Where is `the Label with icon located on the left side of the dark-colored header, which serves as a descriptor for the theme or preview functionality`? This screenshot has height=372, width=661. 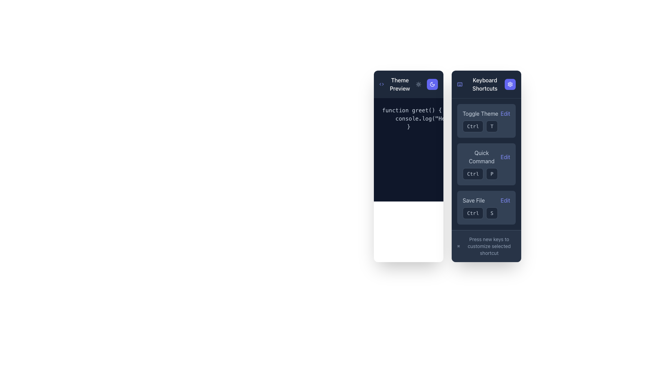 the Label with icon located on the left side of the dark-colored header, which serves as a descriptor for the theme or preview functionality is located at coordinates (396, 84).